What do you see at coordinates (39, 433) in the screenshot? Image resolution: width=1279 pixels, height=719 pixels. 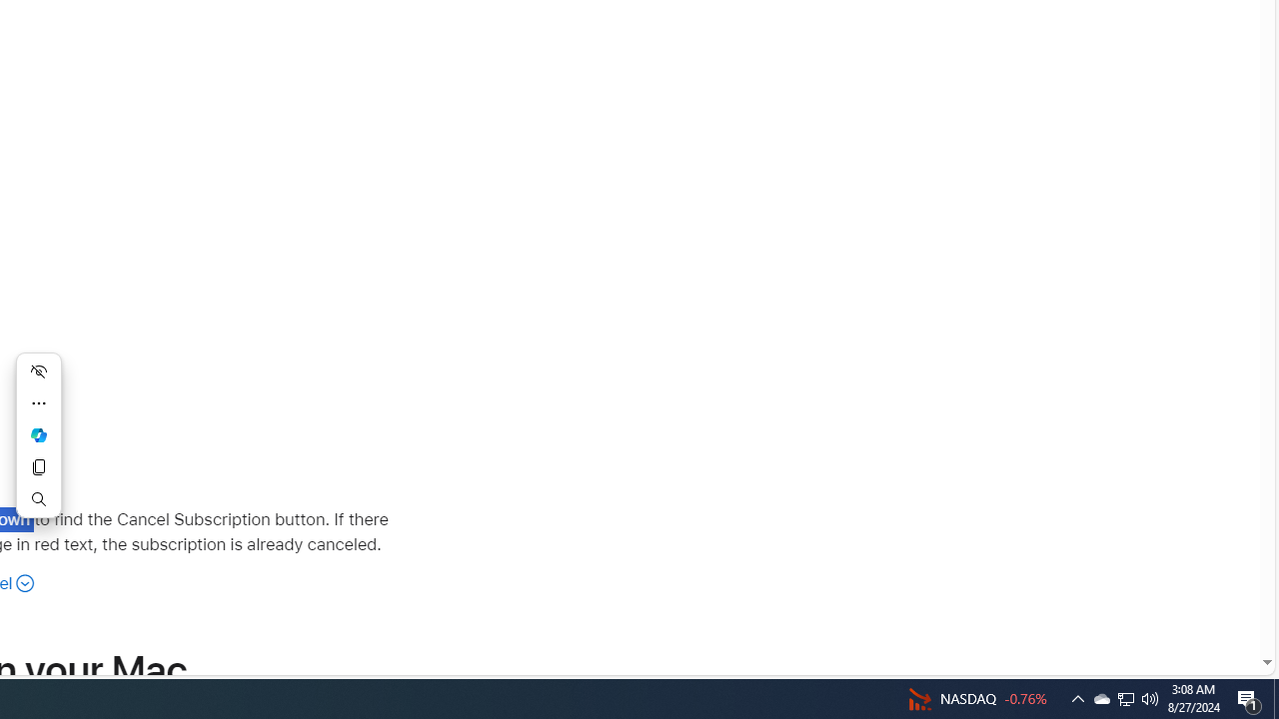 I see `'Mini menu on text selection'` at bounding box center [39, 433].